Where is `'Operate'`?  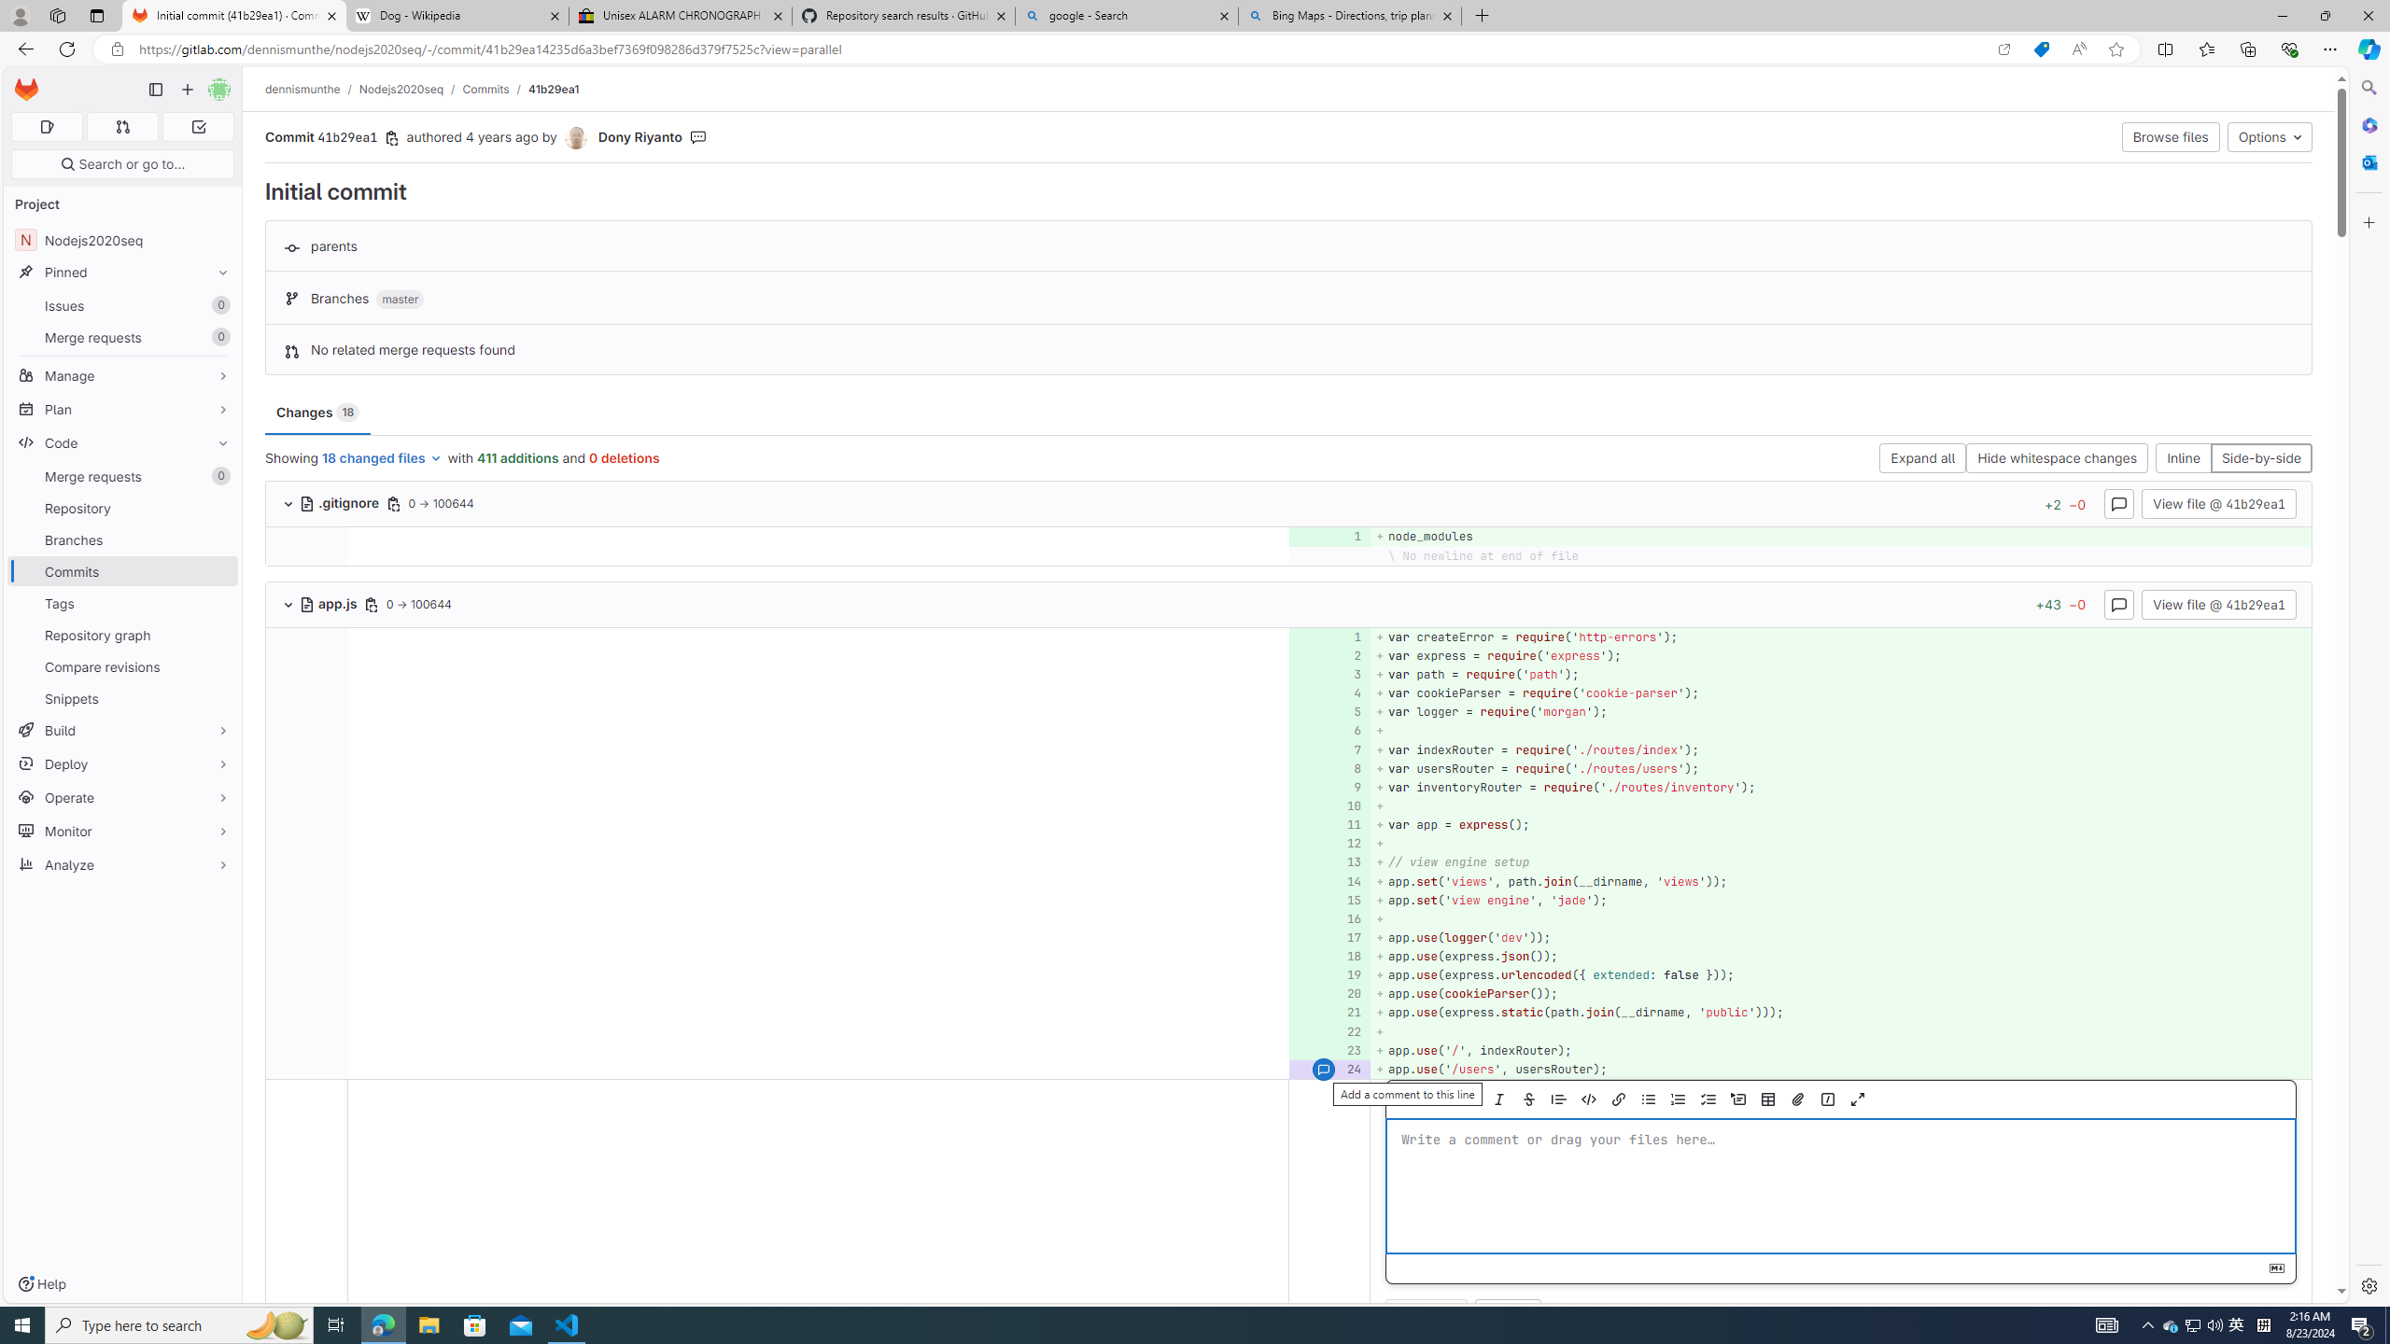
'Operate' is located at coordinates (121, 797).